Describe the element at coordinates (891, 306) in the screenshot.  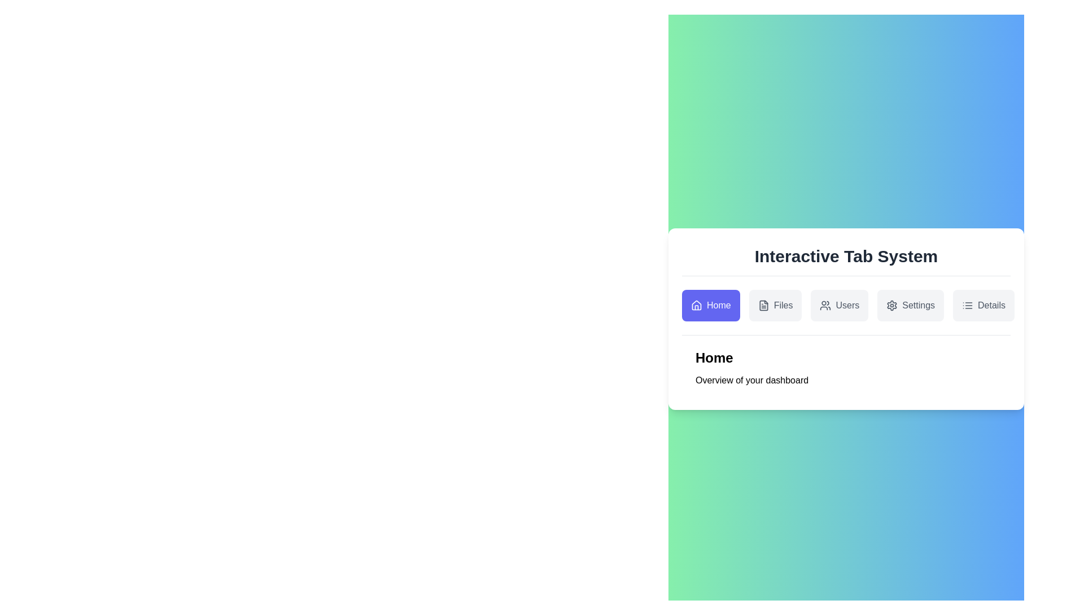
I see `on the settings icon located in the fourth position of the navigation bar` at that location.